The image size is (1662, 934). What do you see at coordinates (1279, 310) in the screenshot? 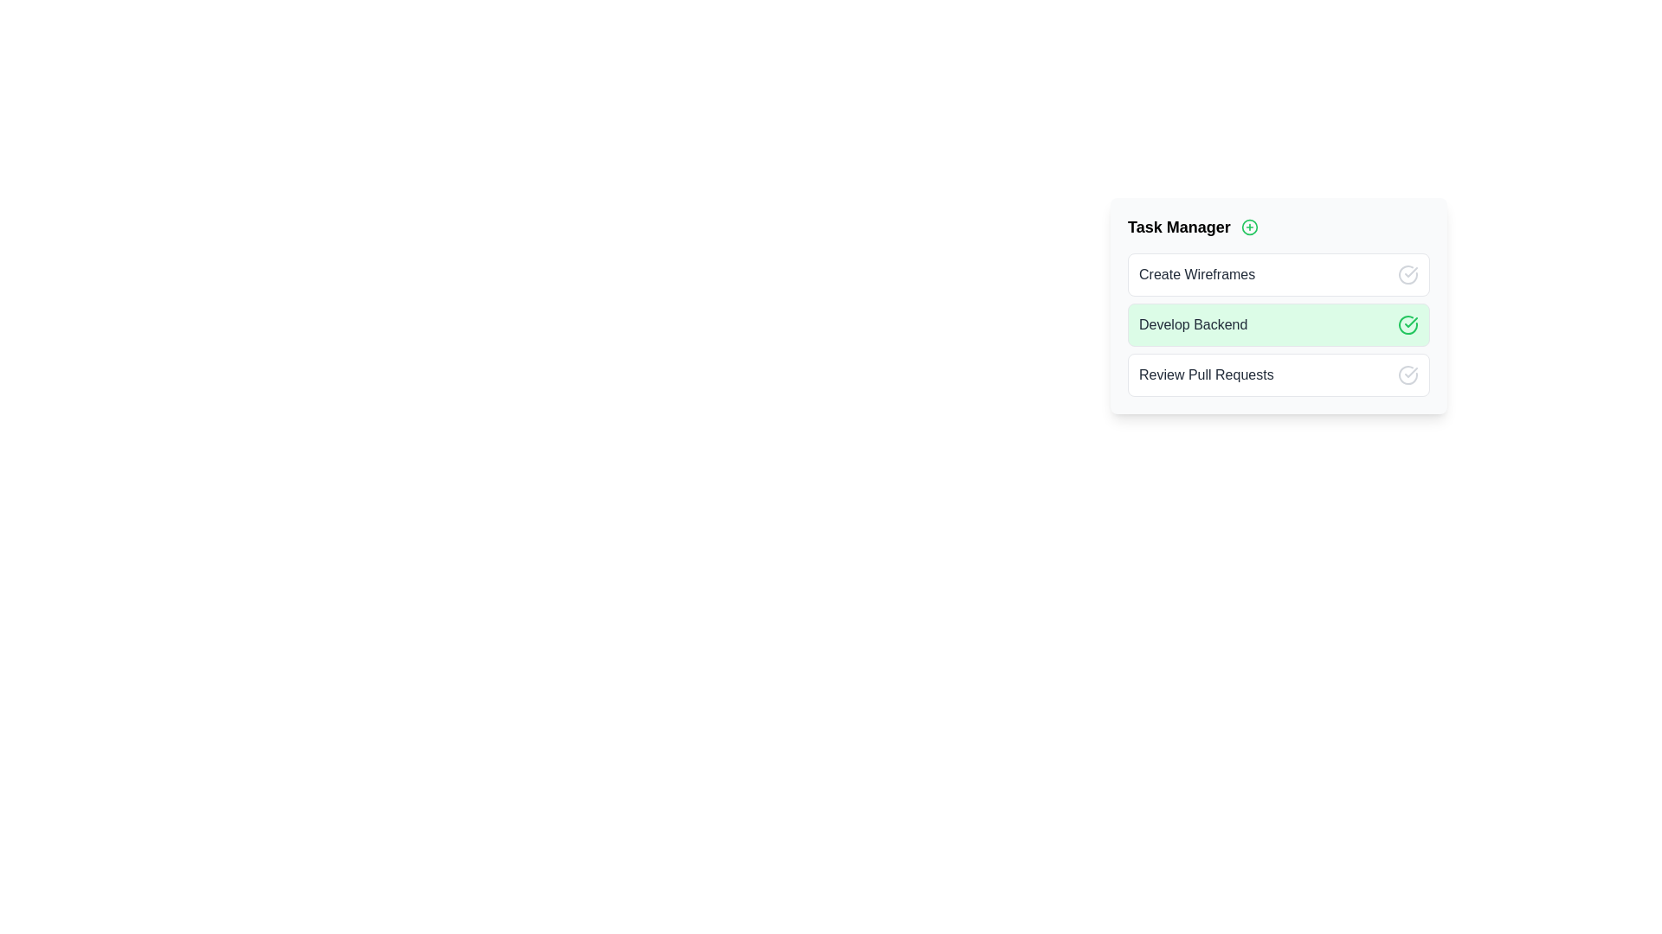
I see `the Task list item labeled 'Develop Backend' with a green completion indicator` at bounding box center [1279, 310].